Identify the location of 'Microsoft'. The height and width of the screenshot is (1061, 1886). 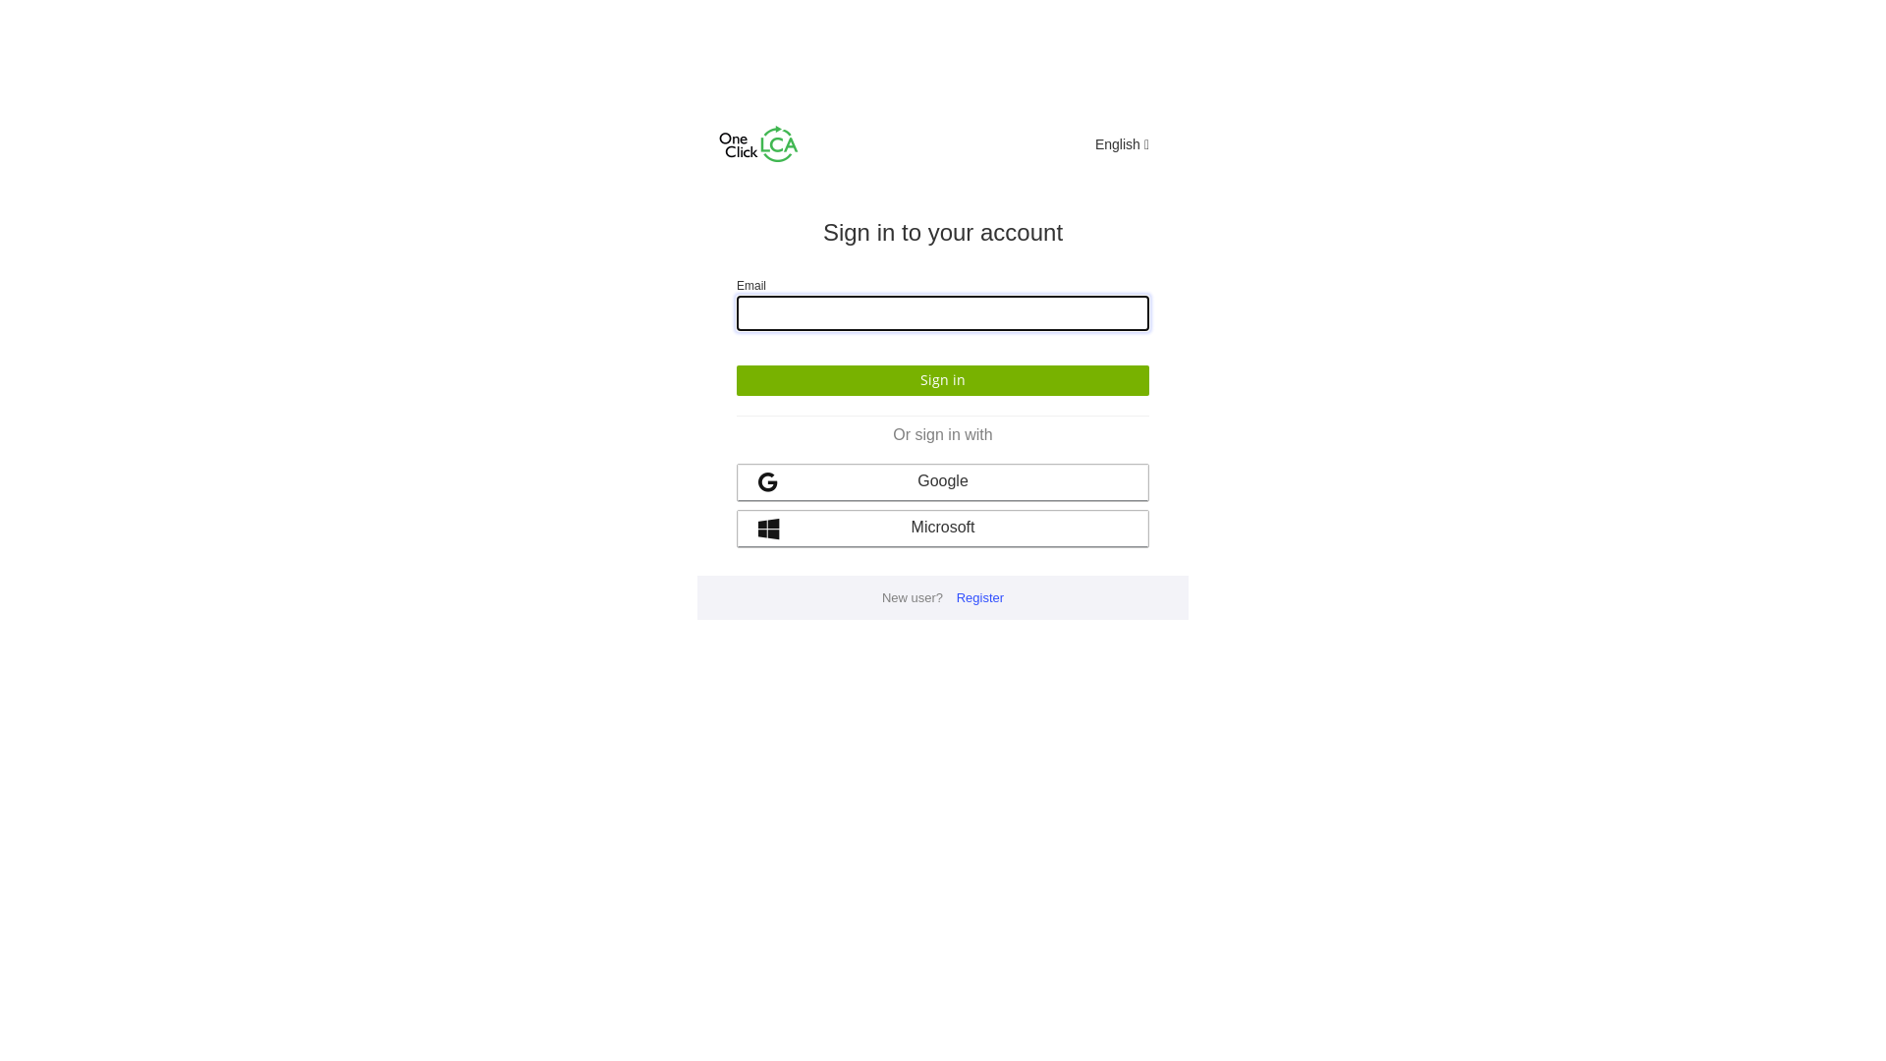
(943, 528).